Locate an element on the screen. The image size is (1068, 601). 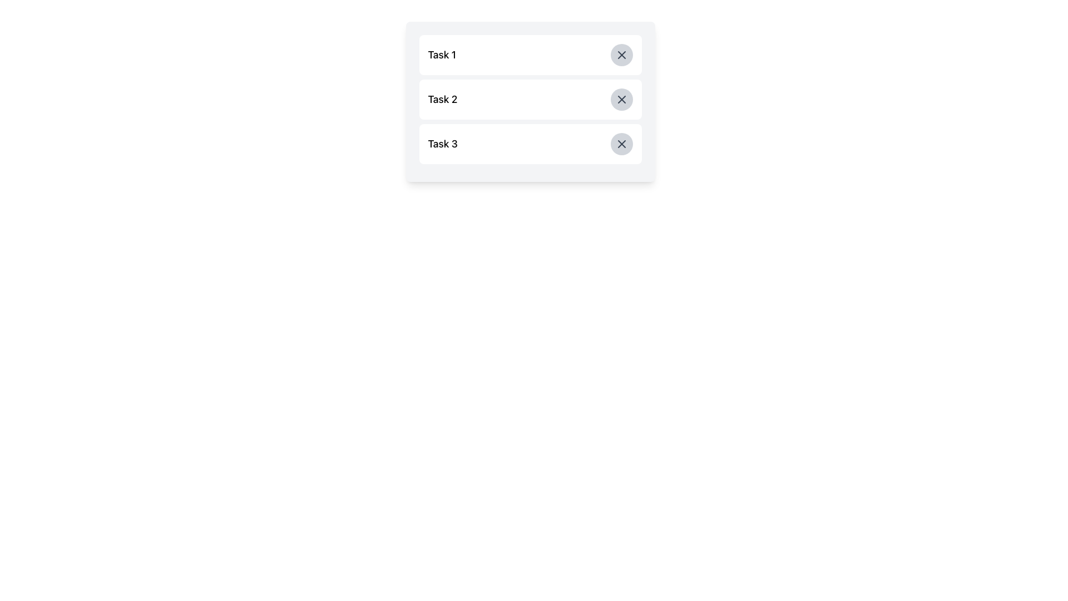
the diagonal cross-shaped icon ('X') located within a circular space, positioned to the right of the 'Task 3' text label in the third row of tasks is located at coordinates (621, 143).